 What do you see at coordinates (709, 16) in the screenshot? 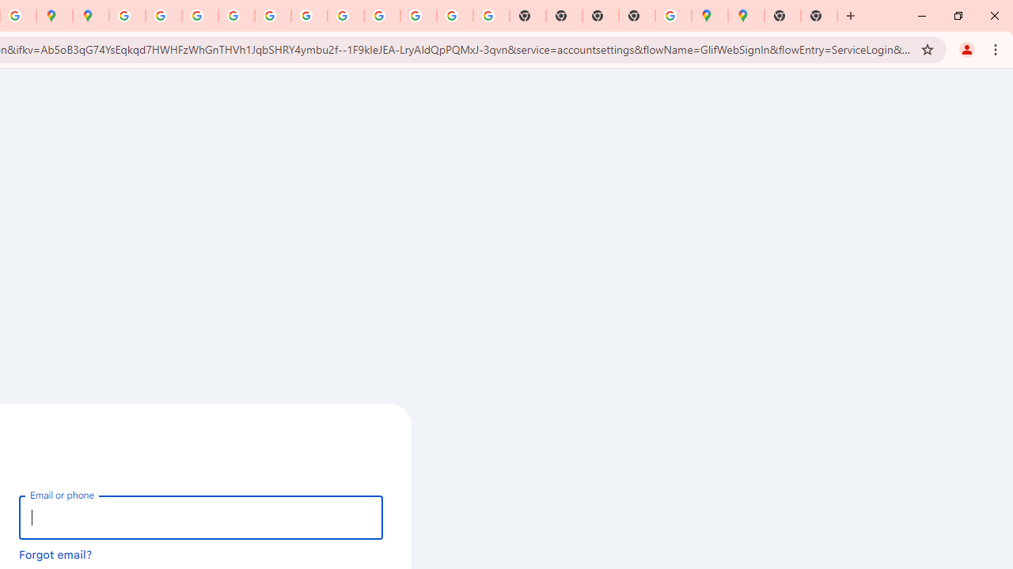
I see `'Google Maps'` at bounding box center [709, 16].